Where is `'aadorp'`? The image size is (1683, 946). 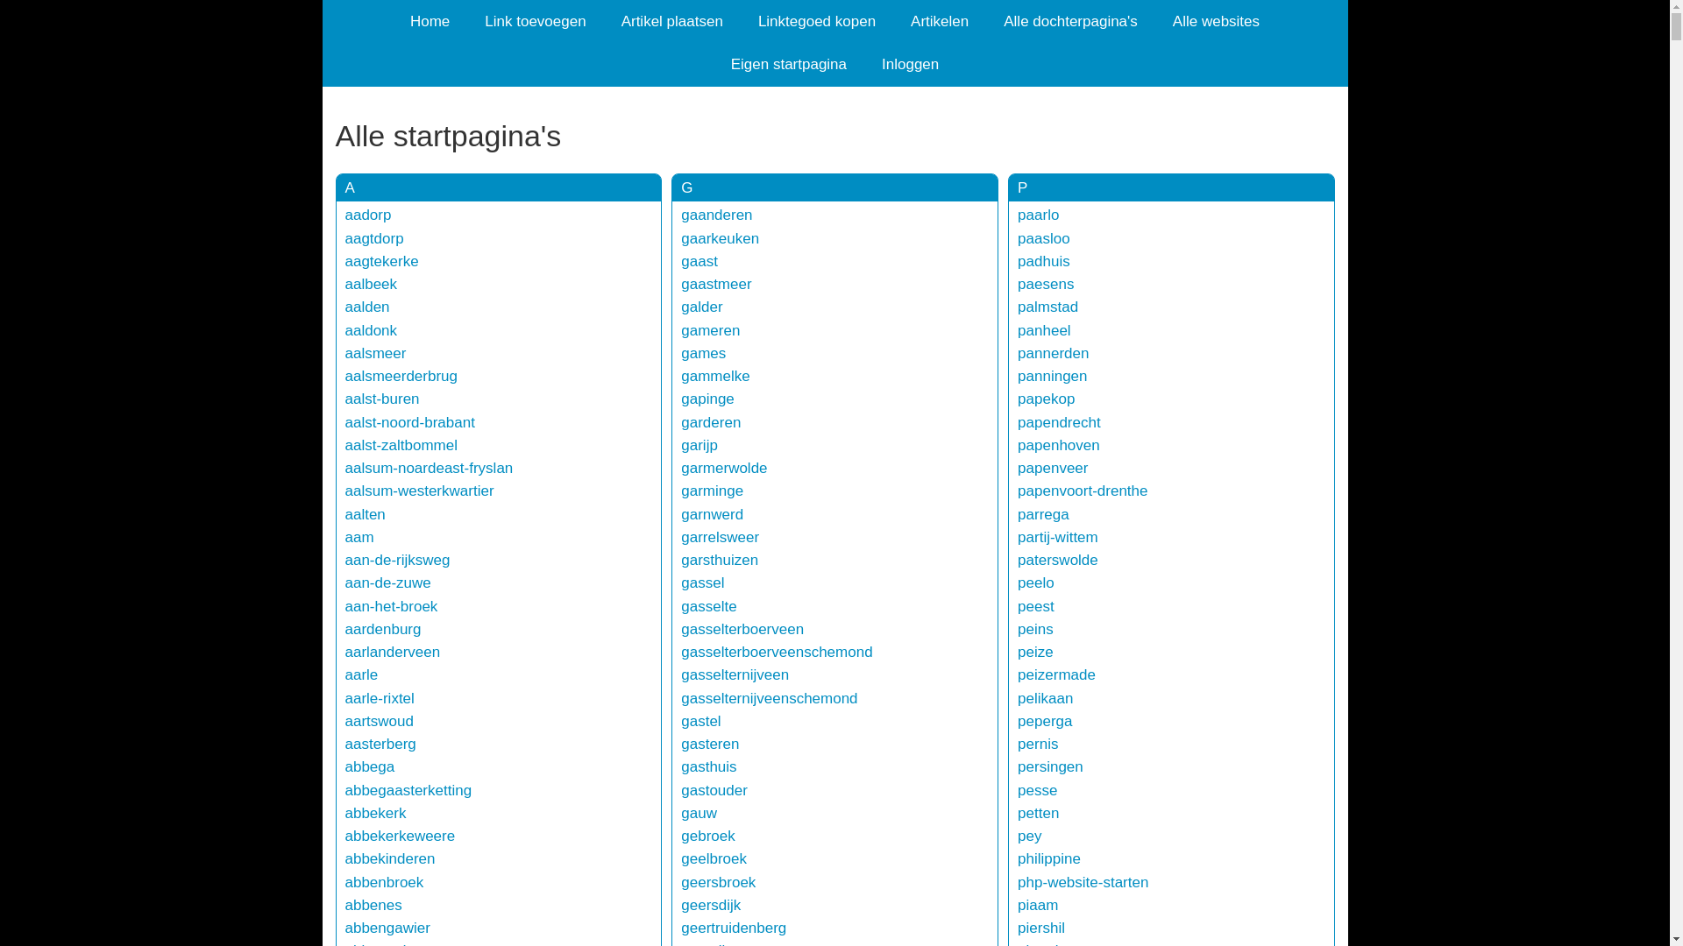 'aadorp' is located at coordinates (367, 214).